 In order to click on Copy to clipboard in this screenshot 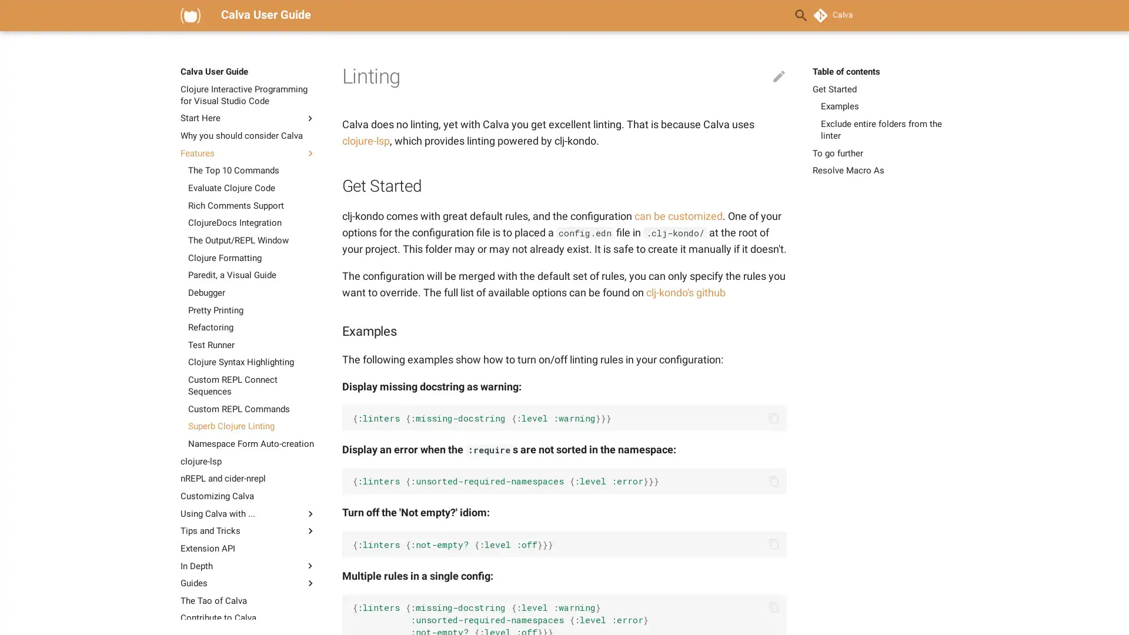, I will do `click(773, 480)`.